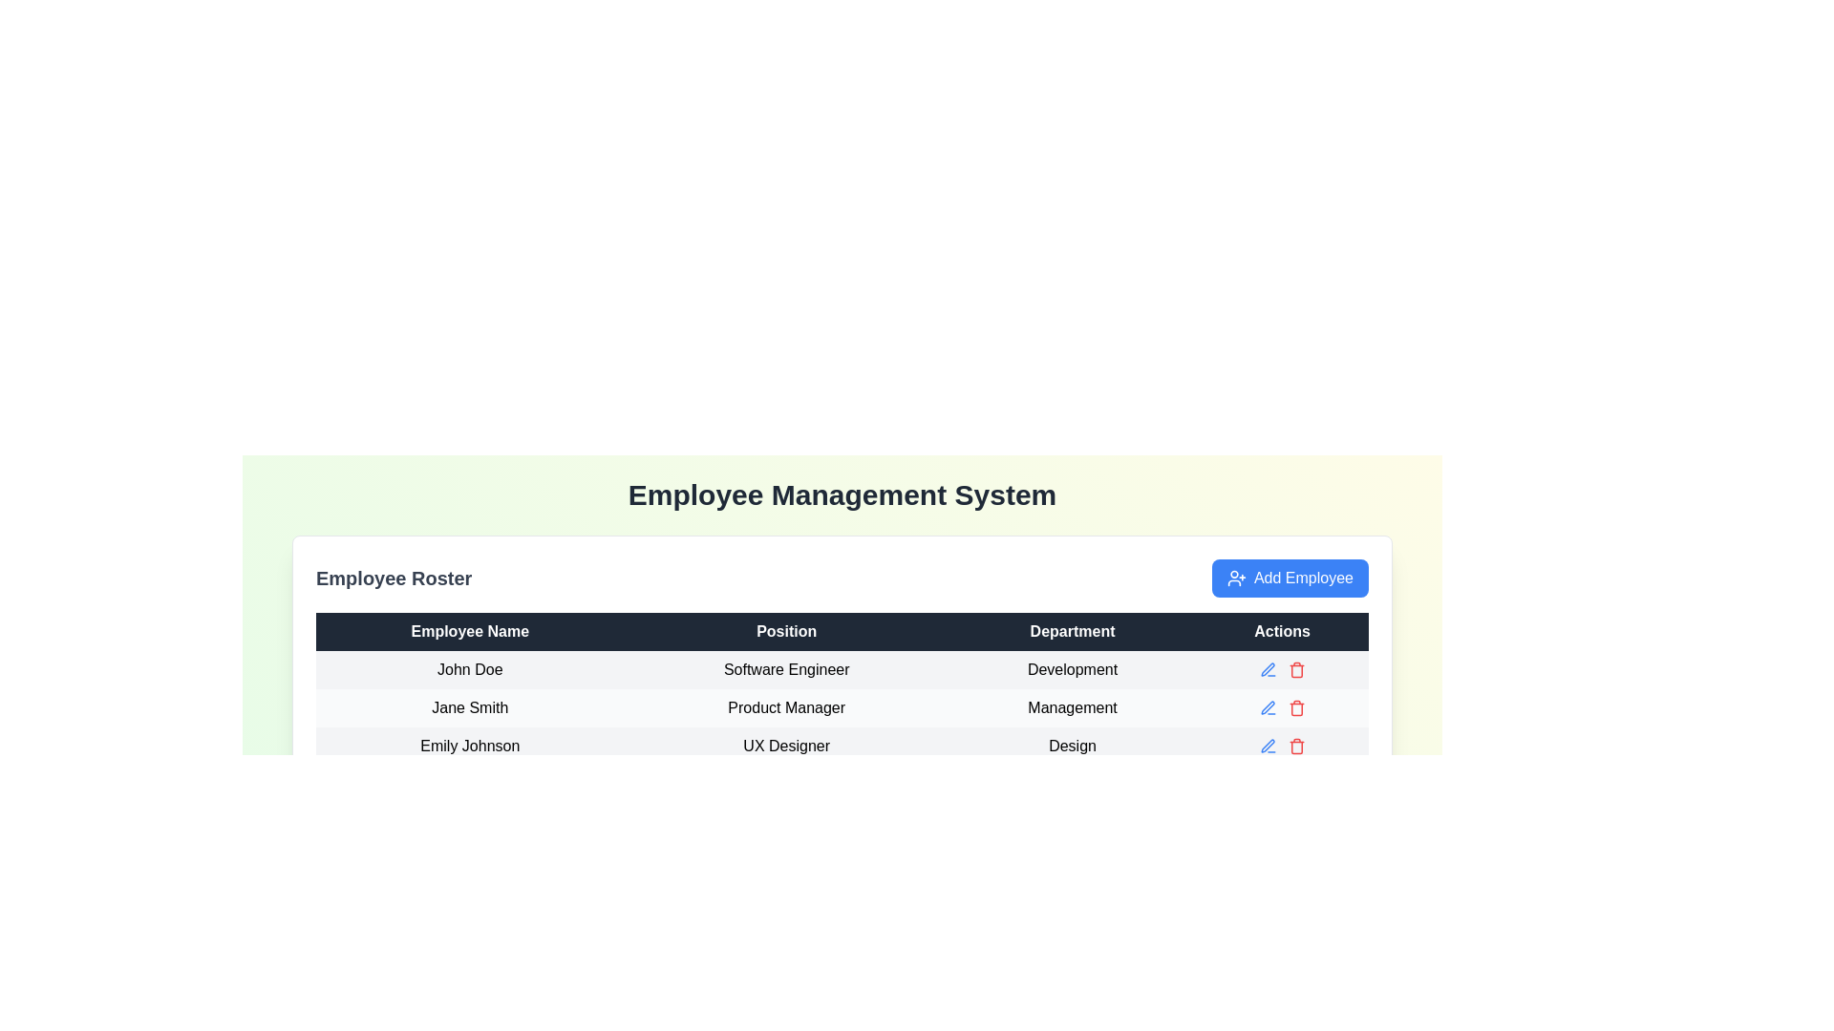 The width and height of the screenshot is (1834, 1031). I want to click on the blue pen icon button in the 'Actions' column of the third row associated with 'Emily Johnson' in the 'Design' department to initiate an edit action, so click(1268, 746).